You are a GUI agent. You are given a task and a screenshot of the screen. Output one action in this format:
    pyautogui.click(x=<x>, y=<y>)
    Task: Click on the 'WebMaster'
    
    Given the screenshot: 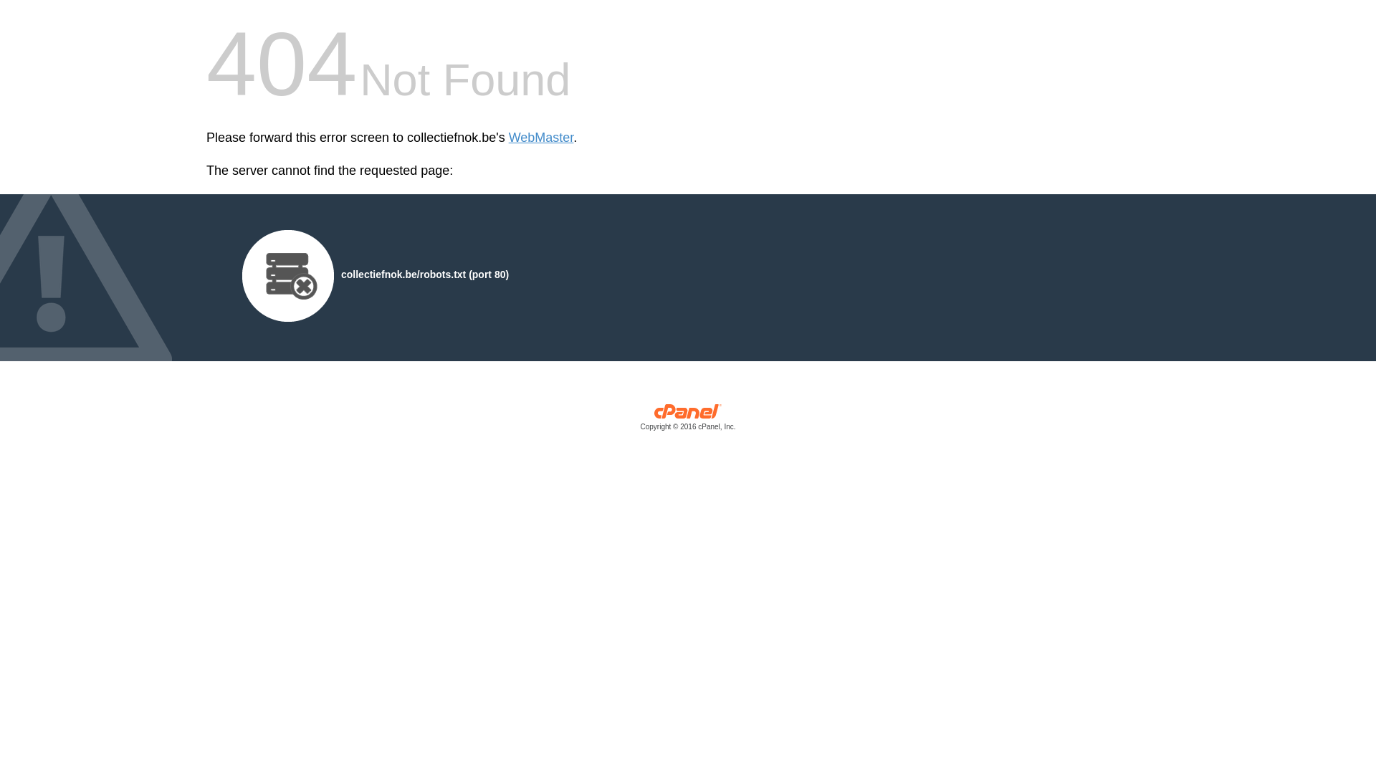 What is the action you would take?
    pyautogui.click(x=540, y=138)
    